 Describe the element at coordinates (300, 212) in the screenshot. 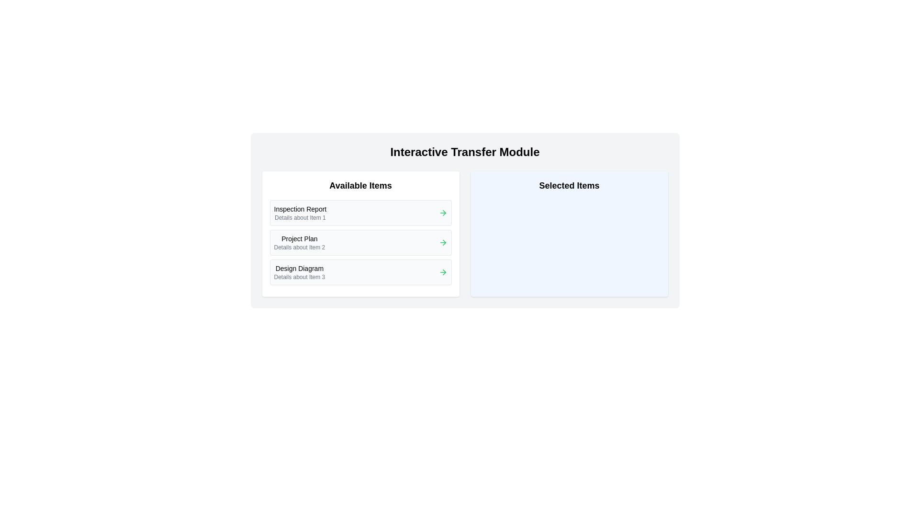

I see `the descriptive text block labeled 'This Text block allows users to:' located in the 'Available Items' section` at that location.